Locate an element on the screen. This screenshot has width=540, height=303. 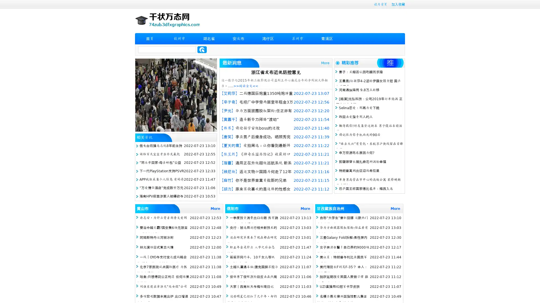
Search is located at coordinates (202, 49).